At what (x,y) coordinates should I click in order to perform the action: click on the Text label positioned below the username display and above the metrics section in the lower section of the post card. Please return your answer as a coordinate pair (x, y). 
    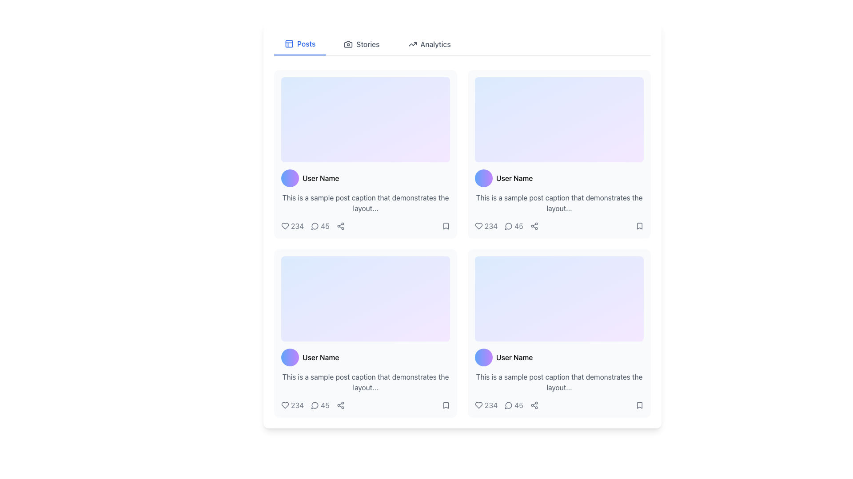
    Looking at the image, I should click on (365, 381).